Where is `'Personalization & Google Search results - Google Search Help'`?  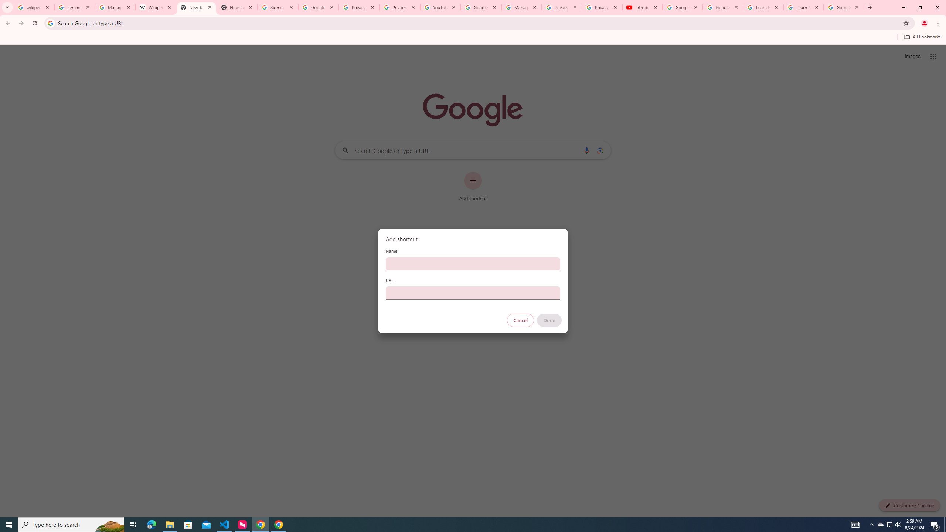
'Personalization & Google Search results - Google Search Help' is located at coordinates (74, 7).